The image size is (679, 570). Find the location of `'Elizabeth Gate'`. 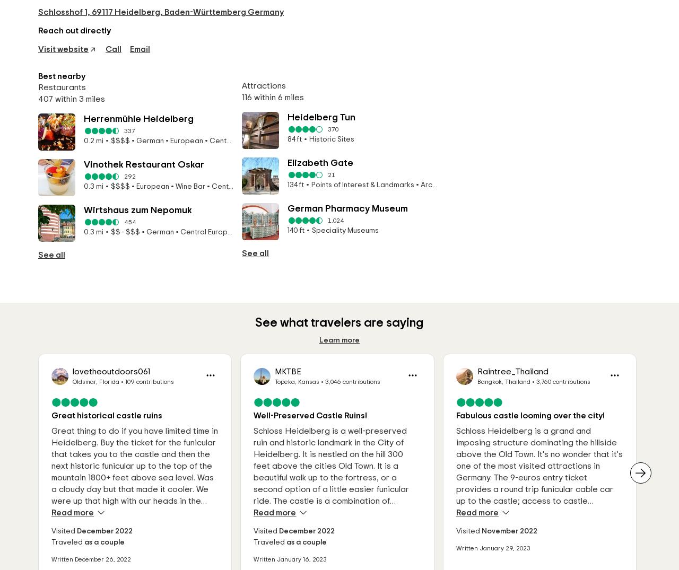

'Elizabeth Gate' is located at coordinates (287, 162).